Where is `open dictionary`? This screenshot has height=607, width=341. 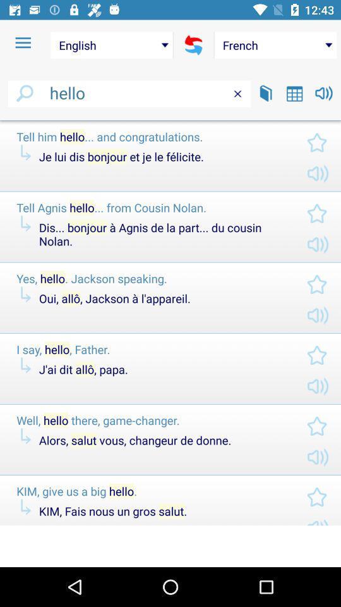
open dictionary is located at coordinates (265, 92).